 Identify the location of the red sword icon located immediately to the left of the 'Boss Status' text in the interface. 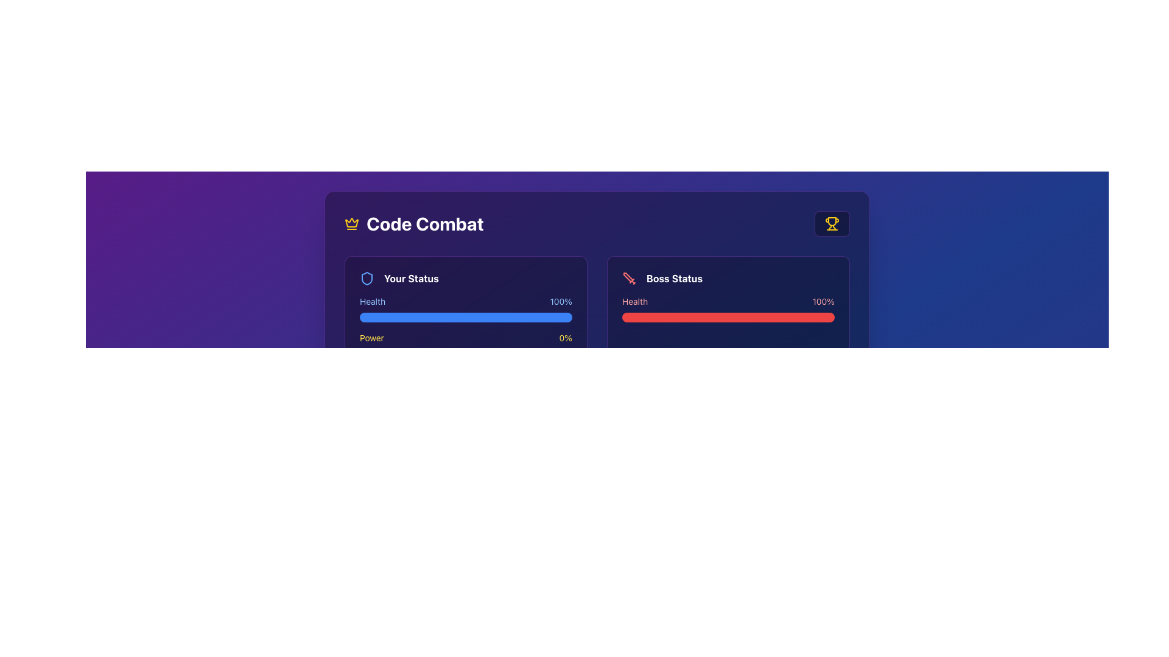
(629, 279).